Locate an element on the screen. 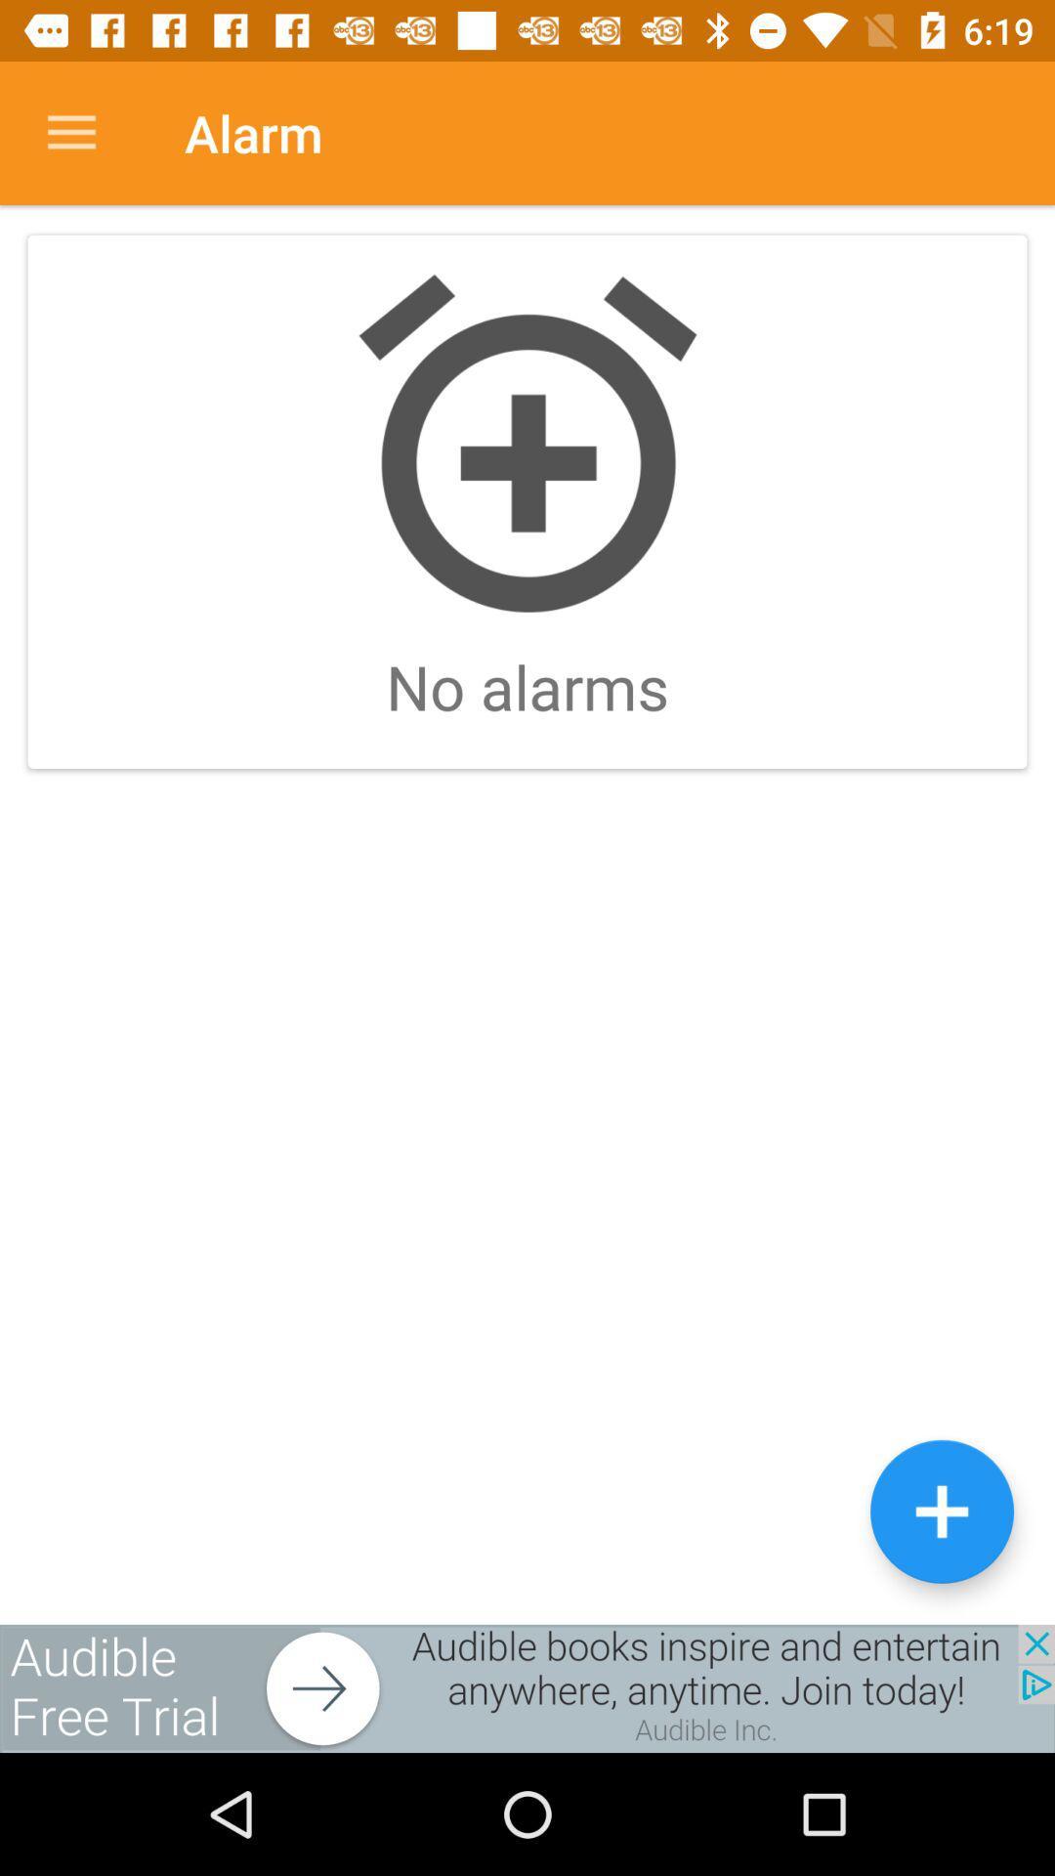 This screenshot has height=1876, width=1055. the add icon is located at coordinates (941, 1511).